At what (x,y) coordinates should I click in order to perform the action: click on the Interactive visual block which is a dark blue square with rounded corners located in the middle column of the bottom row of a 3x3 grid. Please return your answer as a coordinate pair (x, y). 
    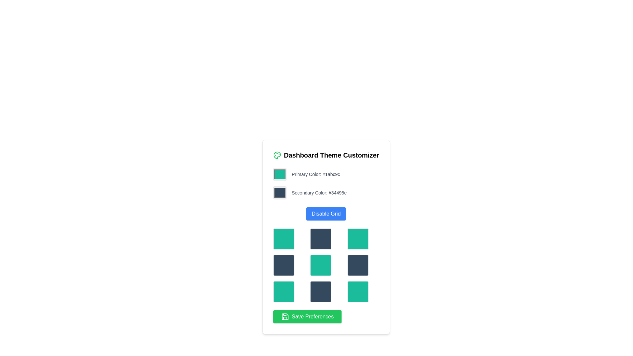
    Looking at the image, I should click on (321, 291).